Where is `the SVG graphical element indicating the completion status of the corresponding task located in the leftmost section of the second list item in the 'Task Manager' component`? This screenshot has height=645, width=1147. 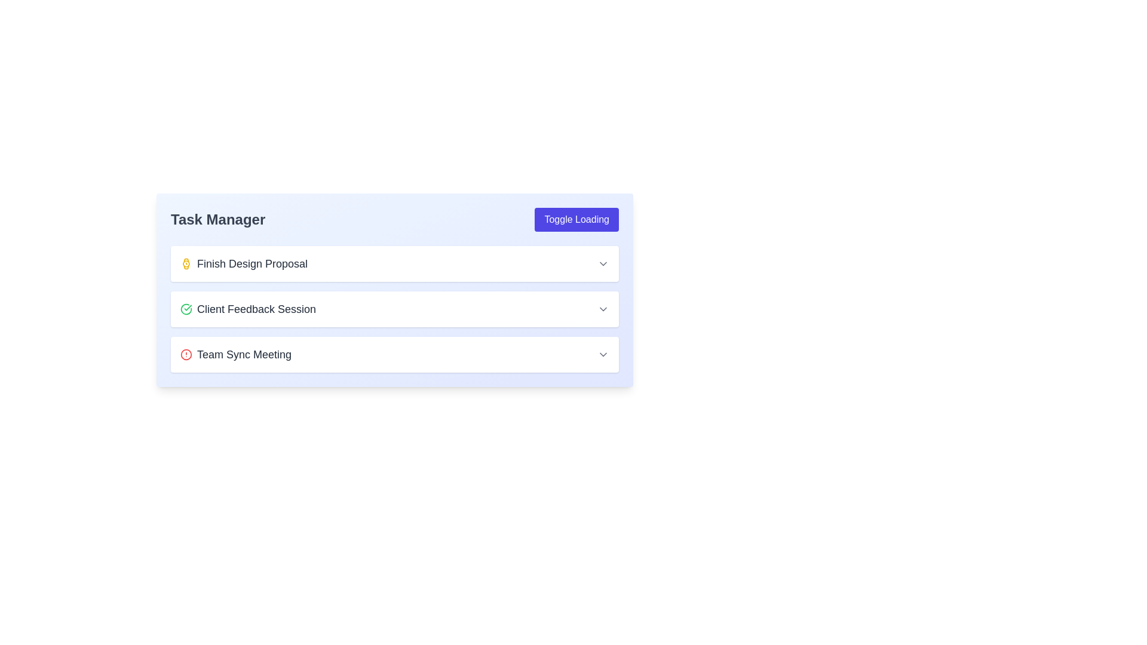
the SVG graphical element indicating the completion status of the corresponding task located in the leftmost section of the second list item in the 'Task Manager' component is located at coordinates (186, 308).